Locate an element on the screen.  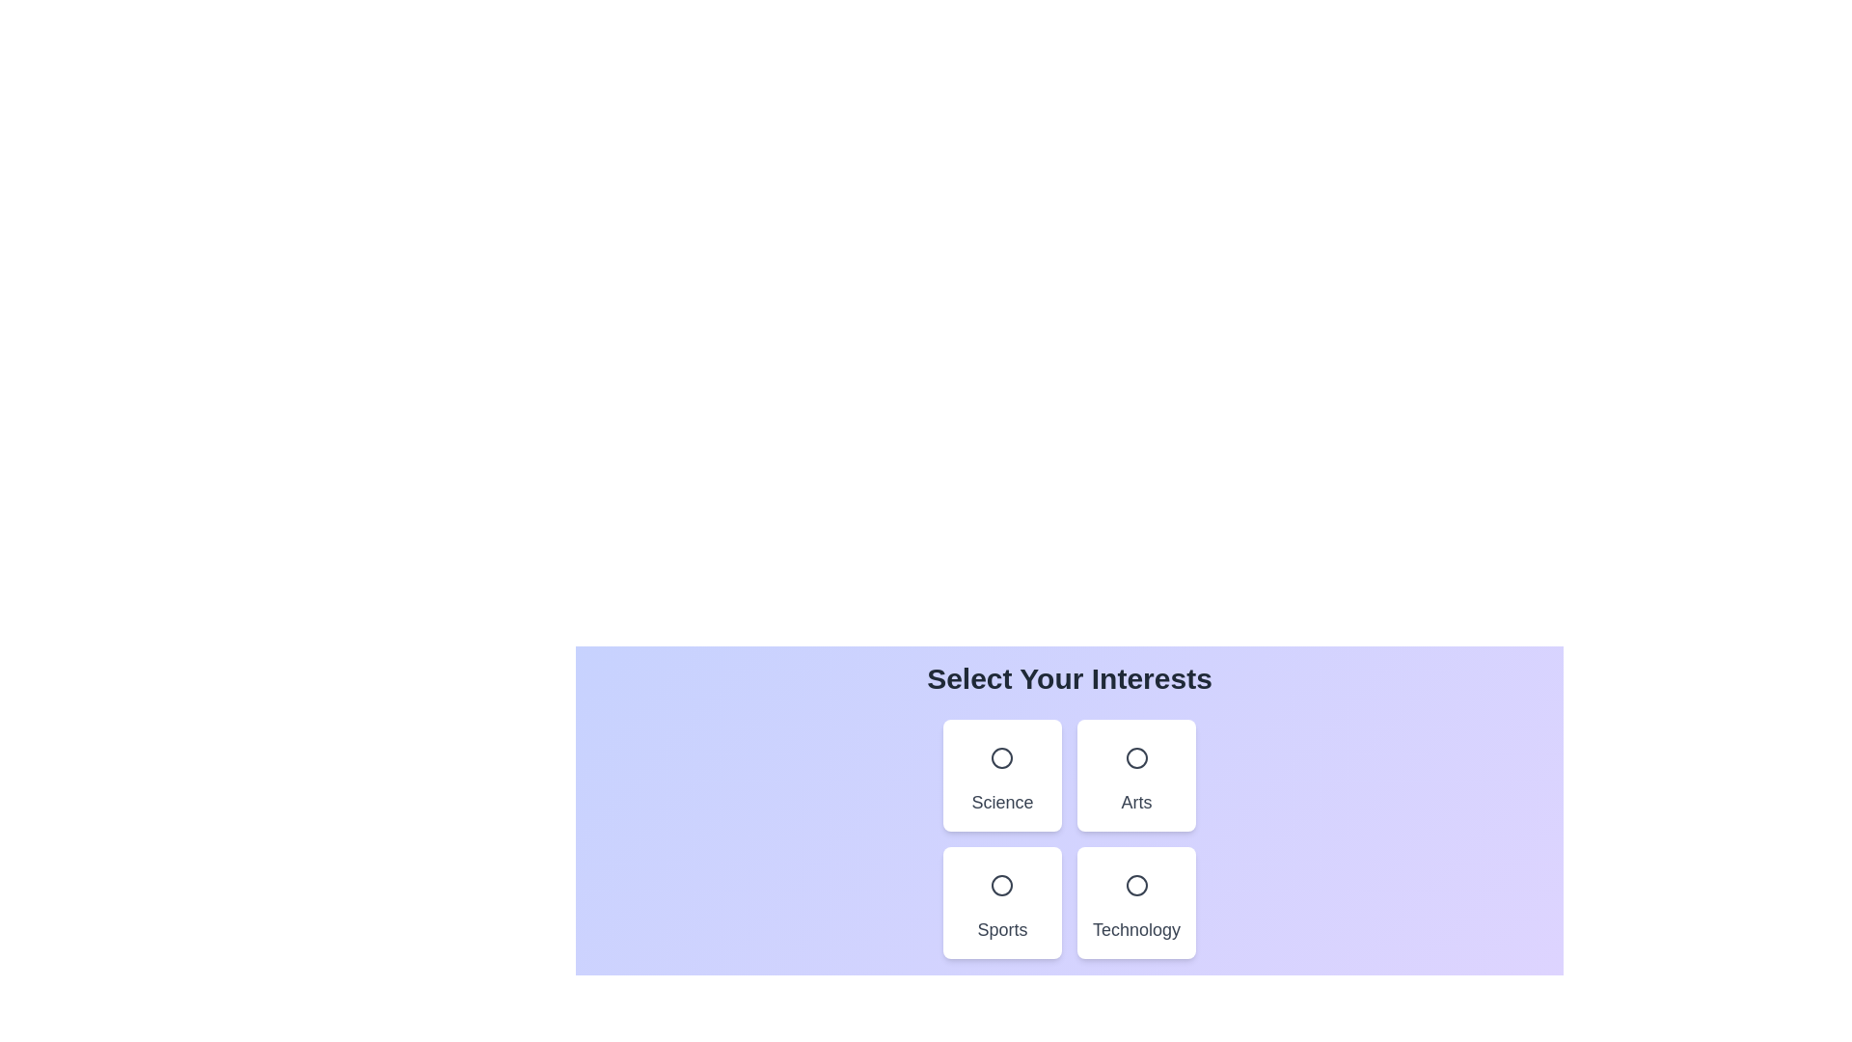
the category Science by clicking on it is located at coordinates (1001, 774).